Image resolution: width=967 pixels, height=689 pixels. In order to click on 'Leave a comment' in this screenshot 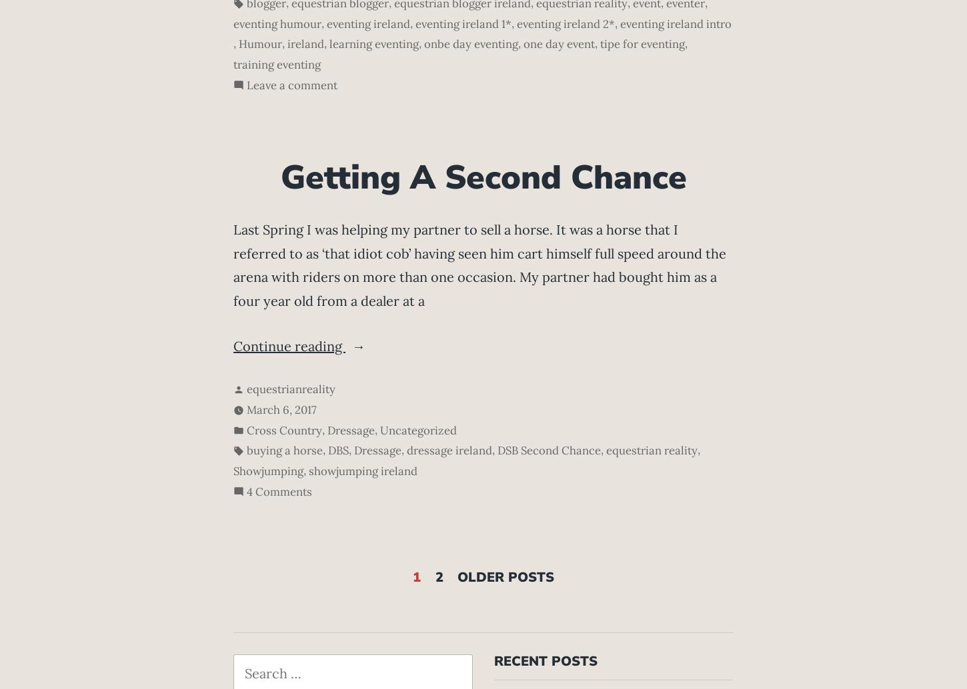, I will do `click(291, 84)`.